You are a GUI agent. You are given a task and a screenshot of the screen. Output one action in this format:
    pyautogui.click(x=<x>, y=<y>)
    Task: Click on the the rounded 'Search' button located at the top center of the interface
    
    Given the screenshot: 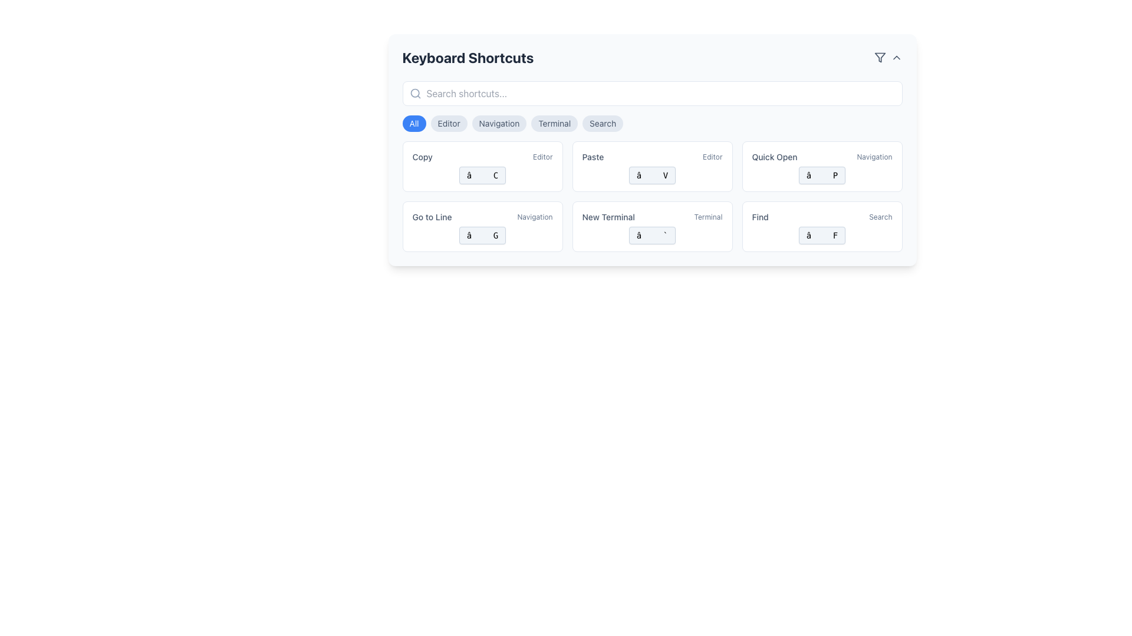 What is the action you would take?
    pyautogui.click(x=603, y=123)
    